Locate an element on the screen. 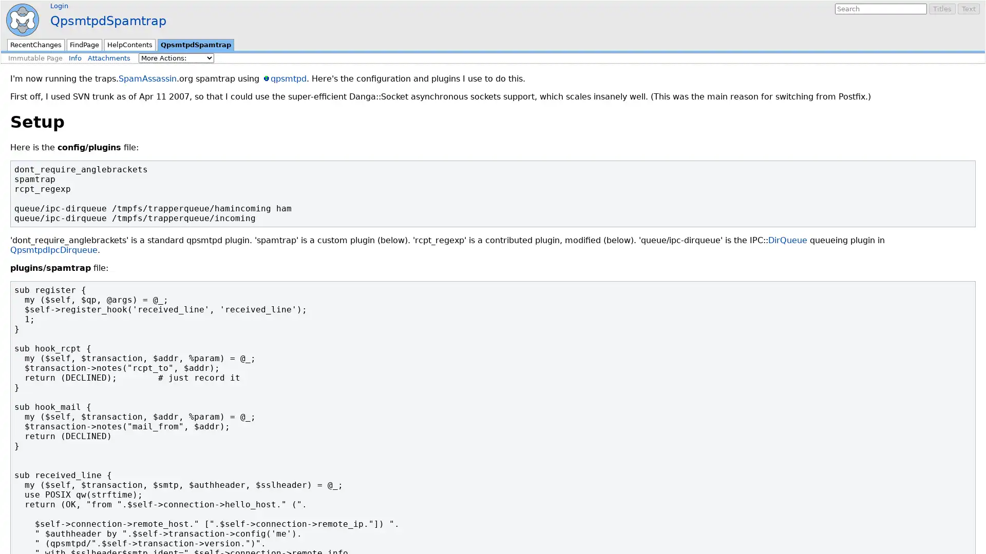  Text is located at coordinates (968, 9).